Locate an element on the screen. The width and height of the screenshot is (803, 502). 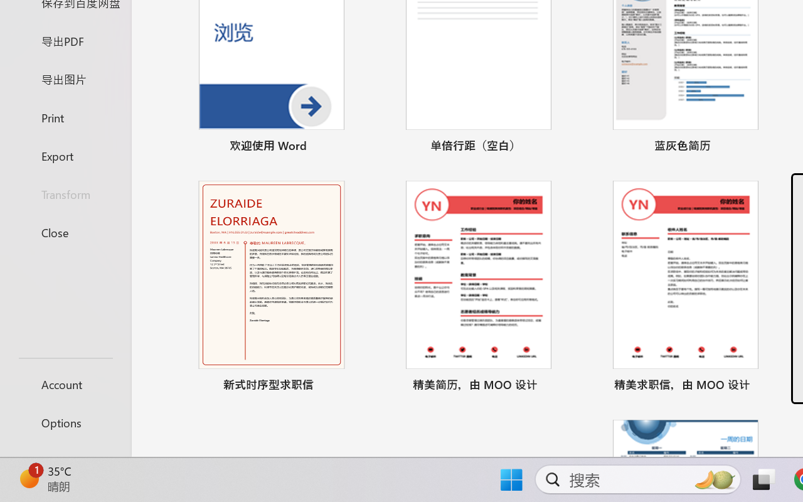
'Options' is located at coordinates (65, 422).